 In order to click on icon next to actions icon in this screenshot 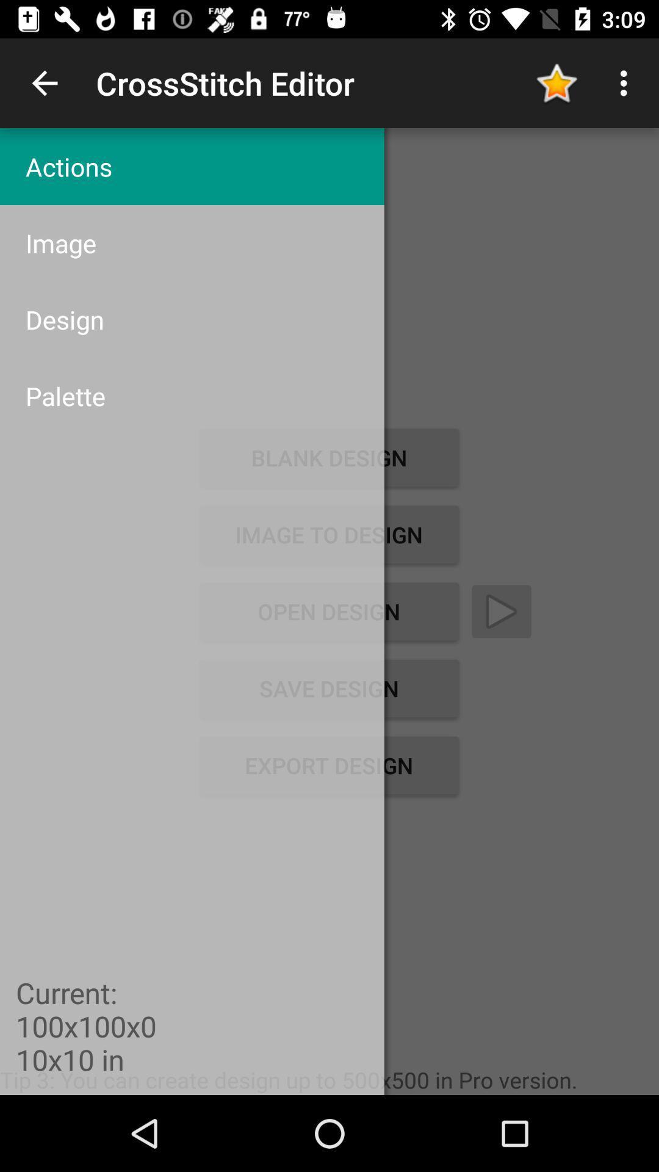, I will do `click(556, 82)`.